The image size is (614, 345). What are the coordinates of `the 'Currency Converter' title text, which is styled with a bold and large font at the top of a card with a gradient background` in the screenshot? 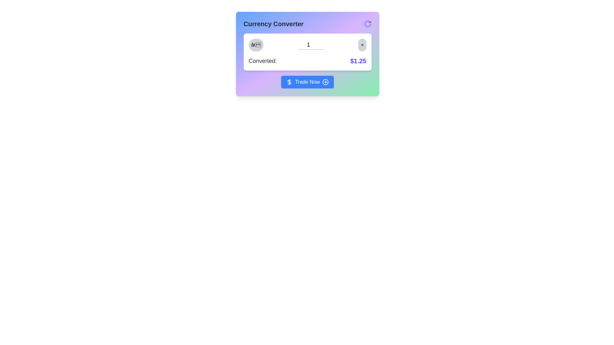 It's located at (273, 23).